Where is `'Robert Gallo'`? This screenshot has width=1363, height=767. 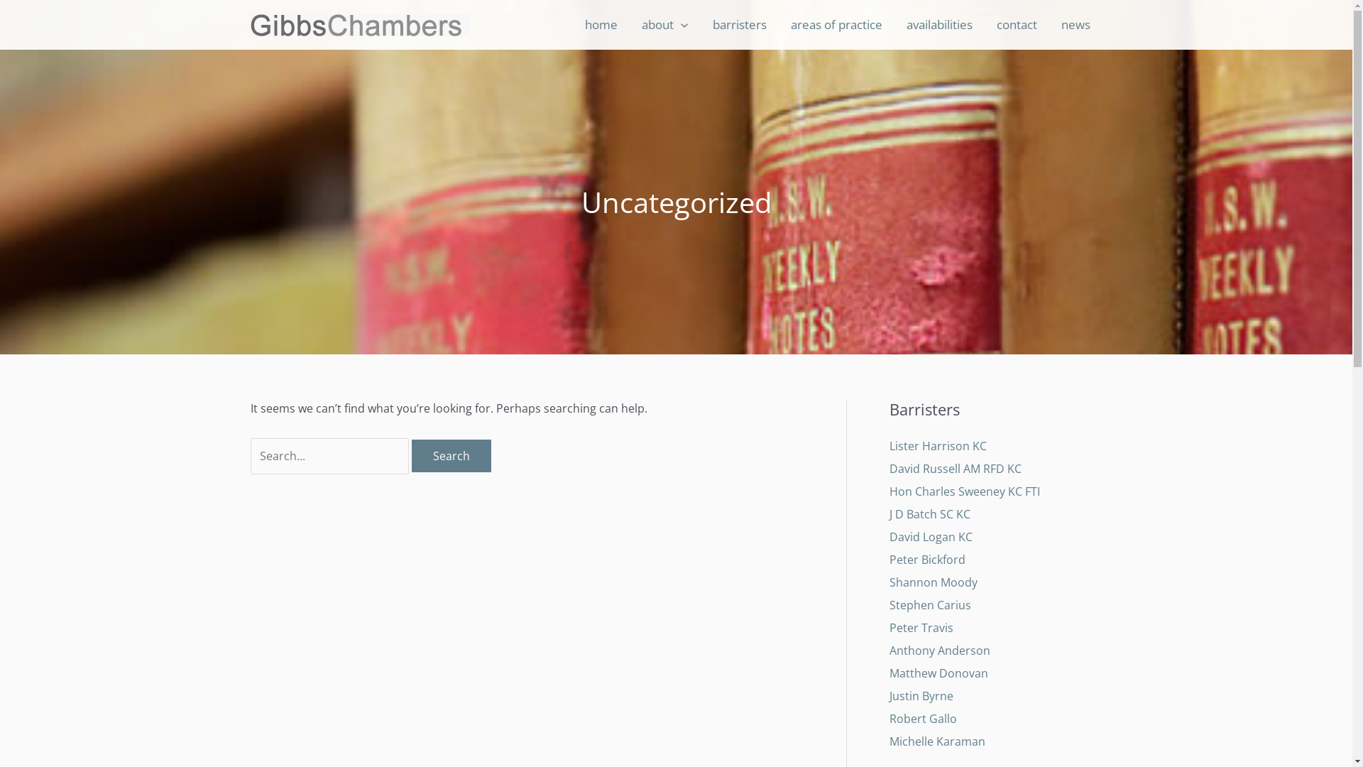 'Robert Gallo' is located at coordinates (922, 718).